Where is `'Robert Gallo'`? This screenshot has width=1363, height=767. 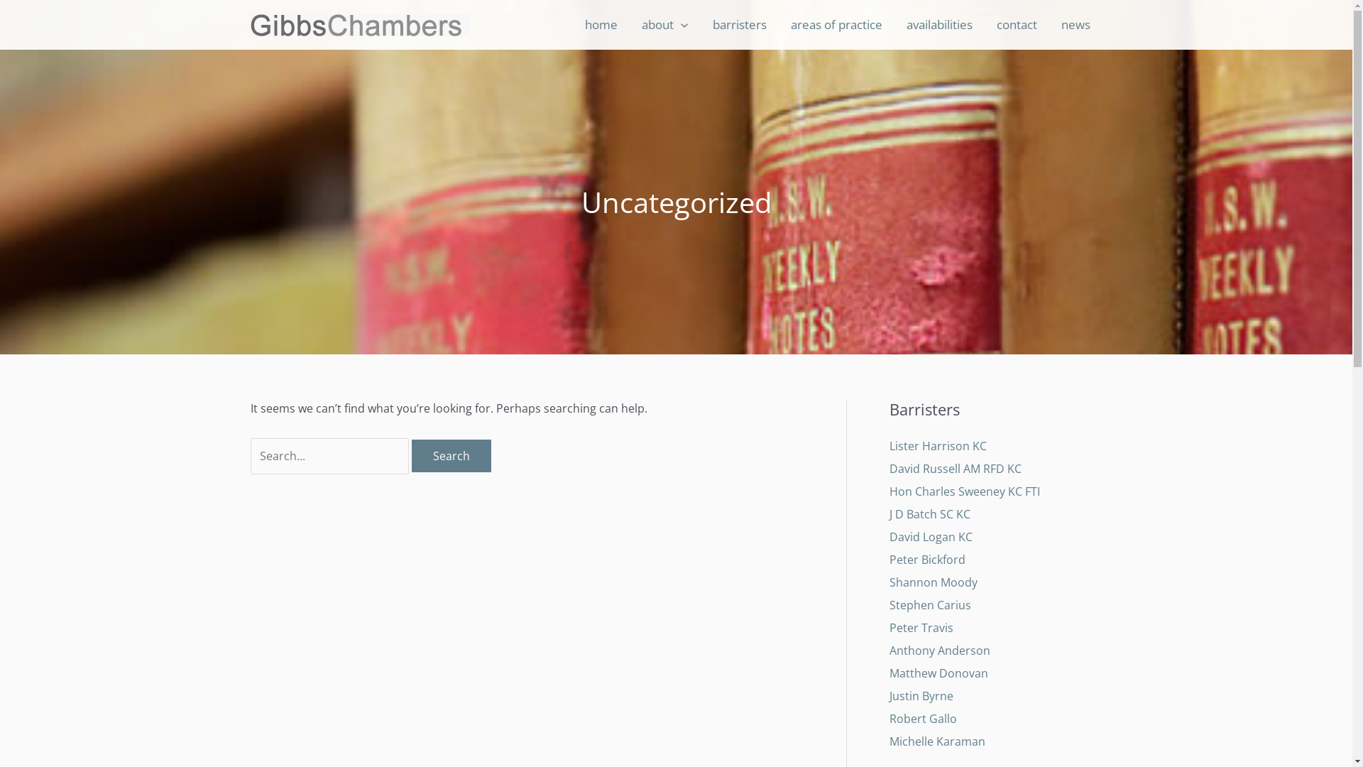 'Robert Gallo' is located at coordinates (922, 718).